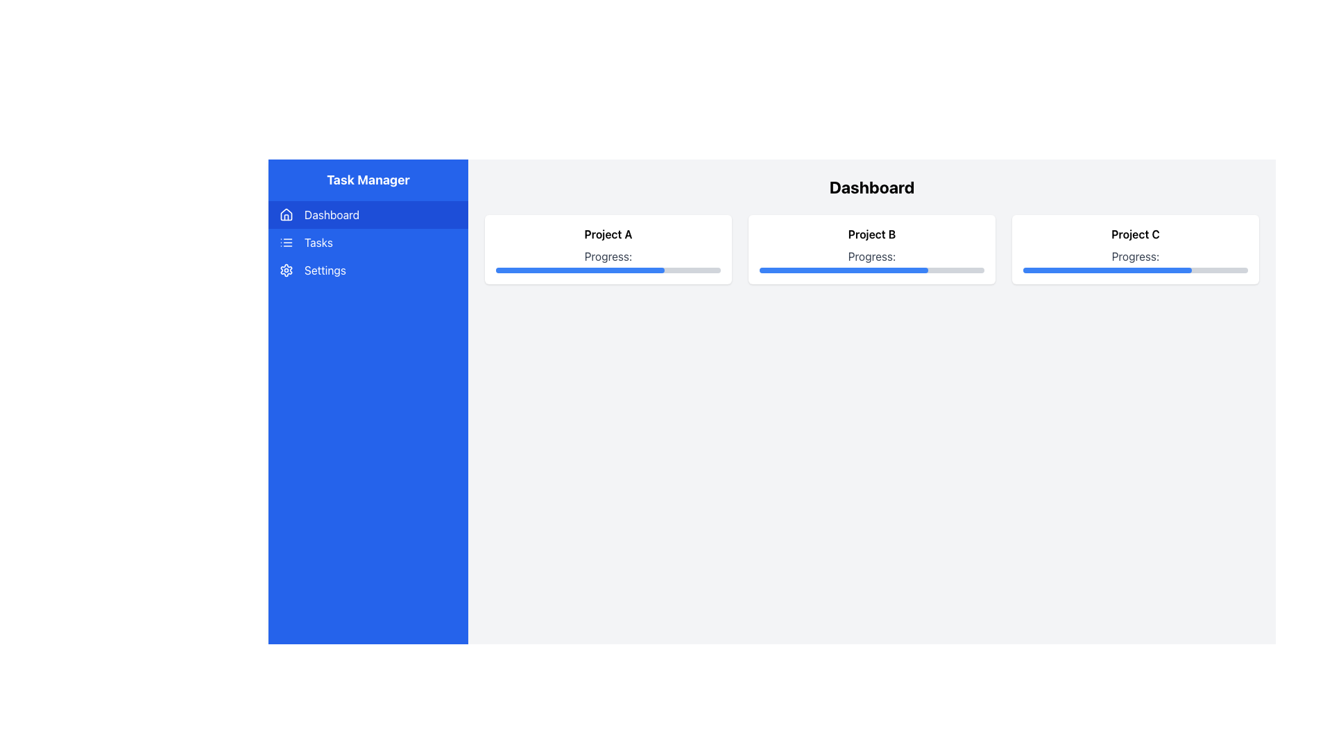 The image size is (1332, 749). Describe the element at coordinates (1107, 270) in the screenshot. I see `the progress bar that visually depicts the progress of 'Project C' located in the lower section of the rightmost card in the dashboard area` at that location.